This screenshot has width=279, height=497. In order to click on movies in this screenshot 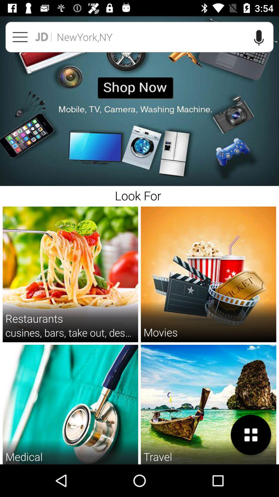, I will do `click(160, 332)`.